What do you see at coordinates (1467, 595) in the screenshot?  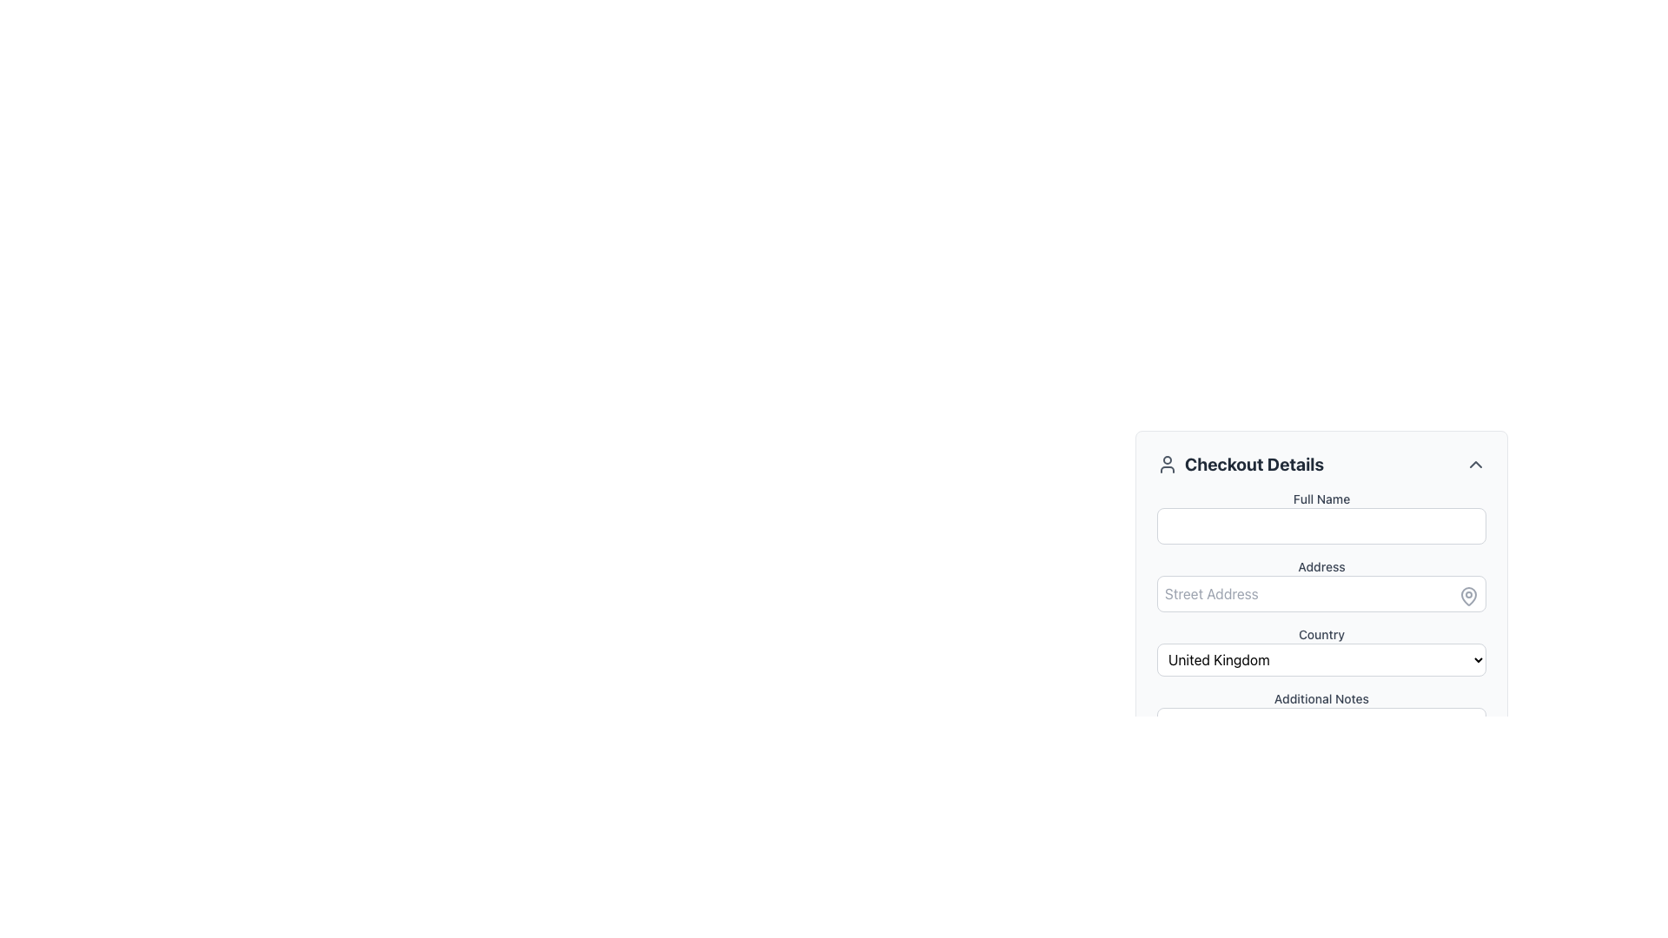 I see `the pin icon that is styled in light grey, located to the right of the 'Street Address' input field in the 'Checkout Details' form` at bounding box center [1467, 595].